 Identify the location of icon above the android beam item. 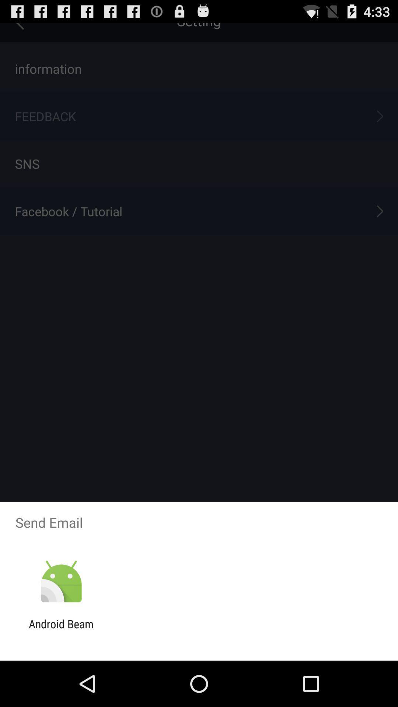
(61, 581).